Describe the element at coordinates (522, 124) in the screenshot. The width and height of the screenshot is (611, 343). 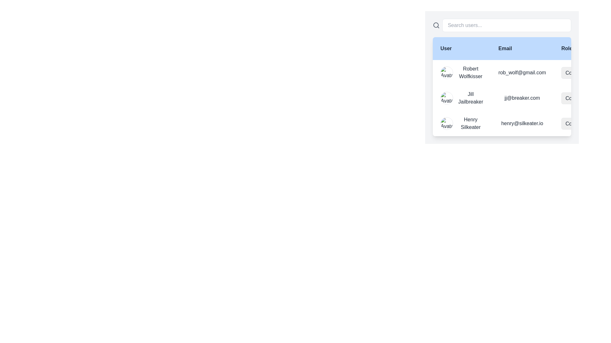
I see `the email address 'henry@silkeater.io' displayed in the table under the 'Email' column for copying` at that location.